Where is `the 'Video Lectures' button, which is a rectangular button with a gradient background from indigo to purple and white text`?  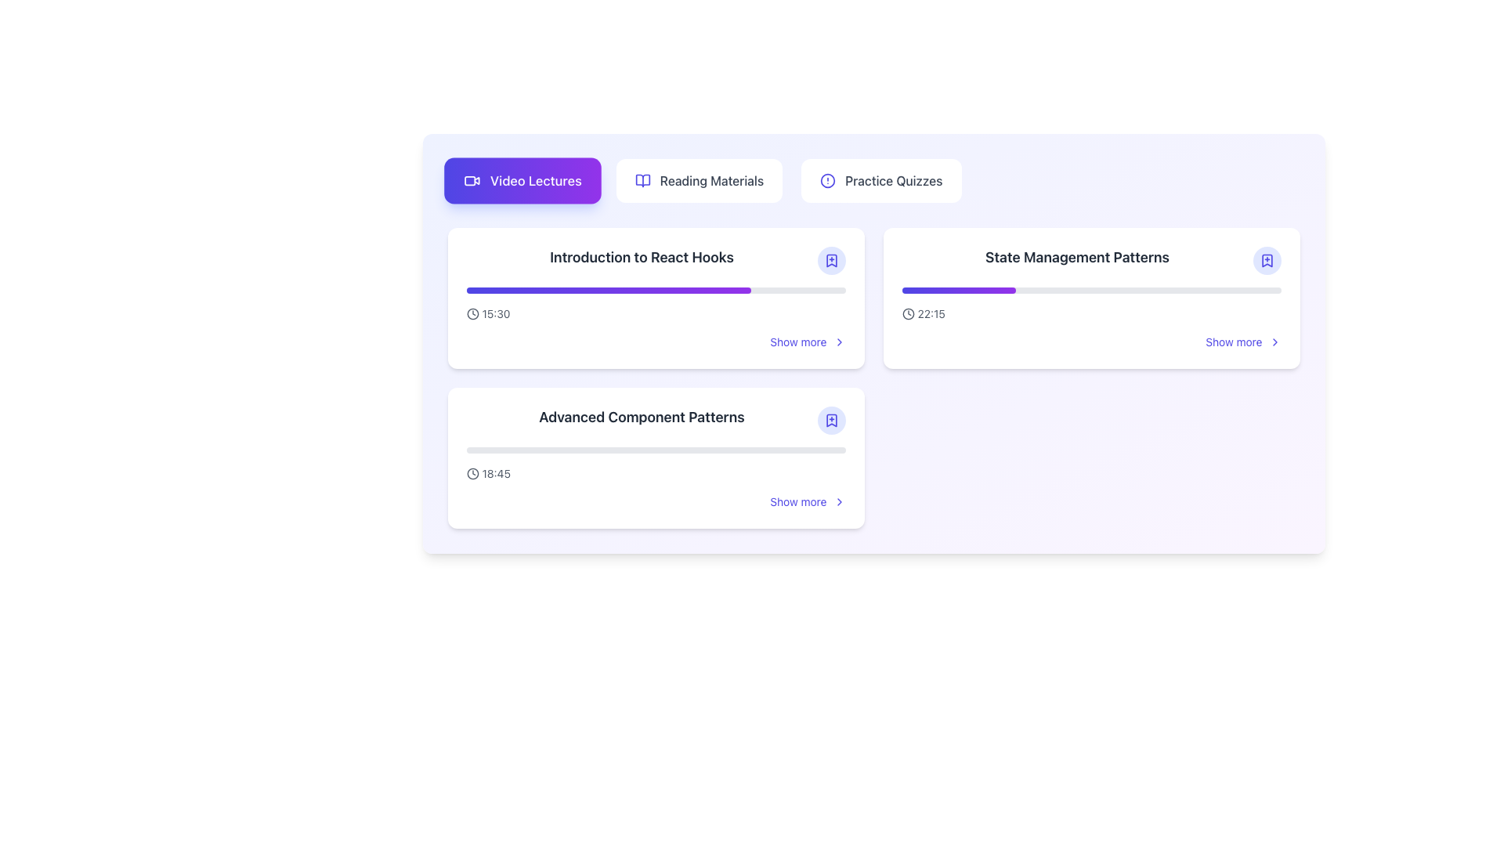
the 'Video Lectures' button, which is a rectangular button with a gradient background from indigo to purple and white text is located at coordinates (522, 180).